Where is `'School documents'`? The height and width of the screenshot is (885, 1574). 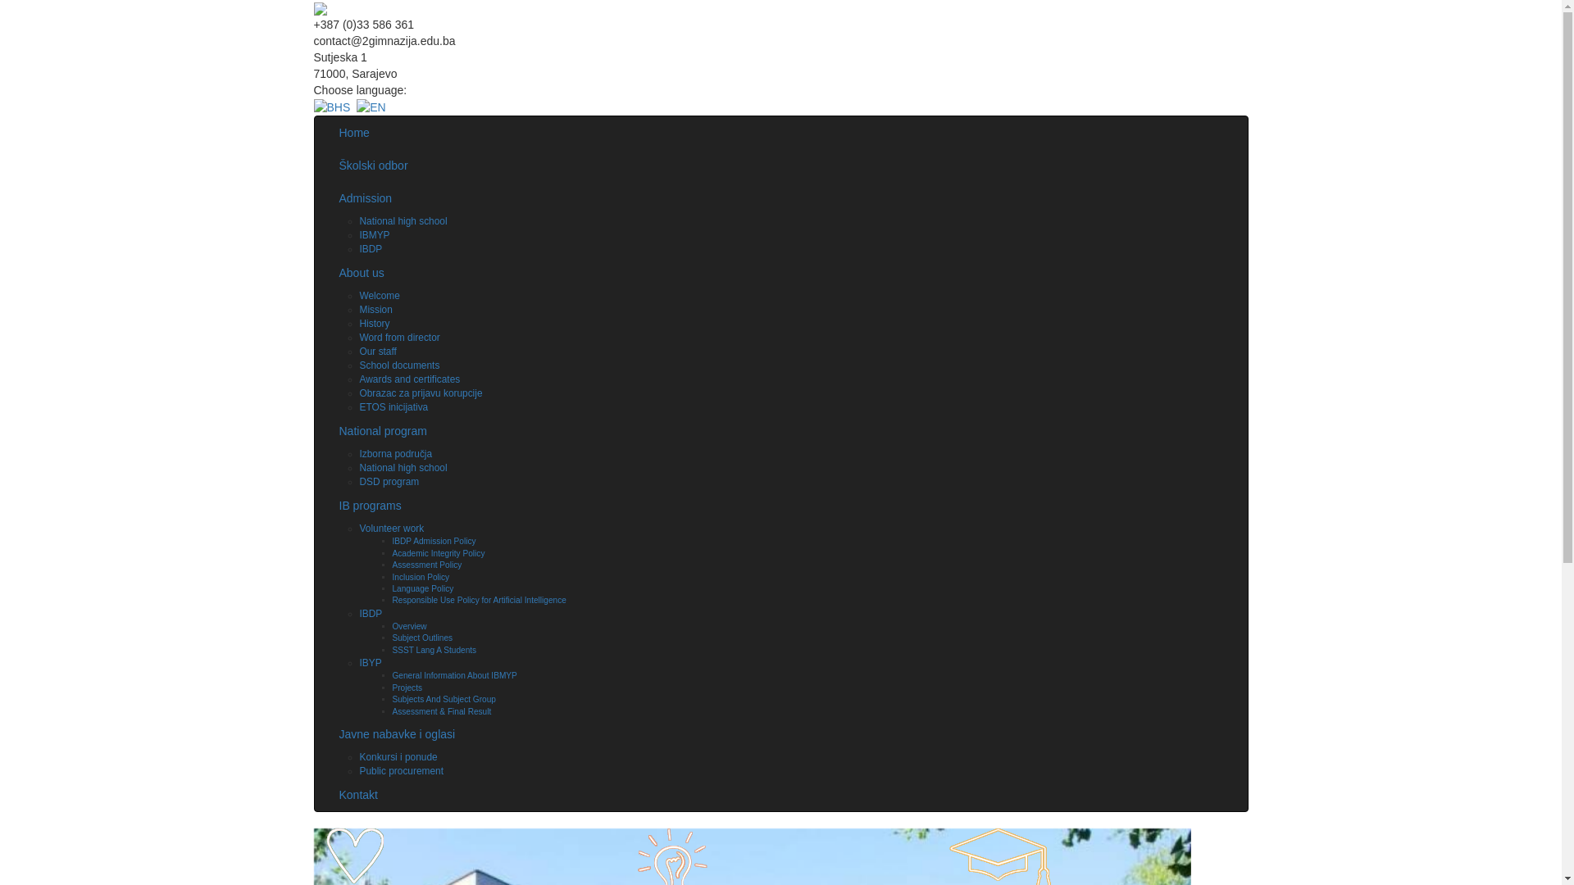
'School documents' is located at coordinates (398, 365).